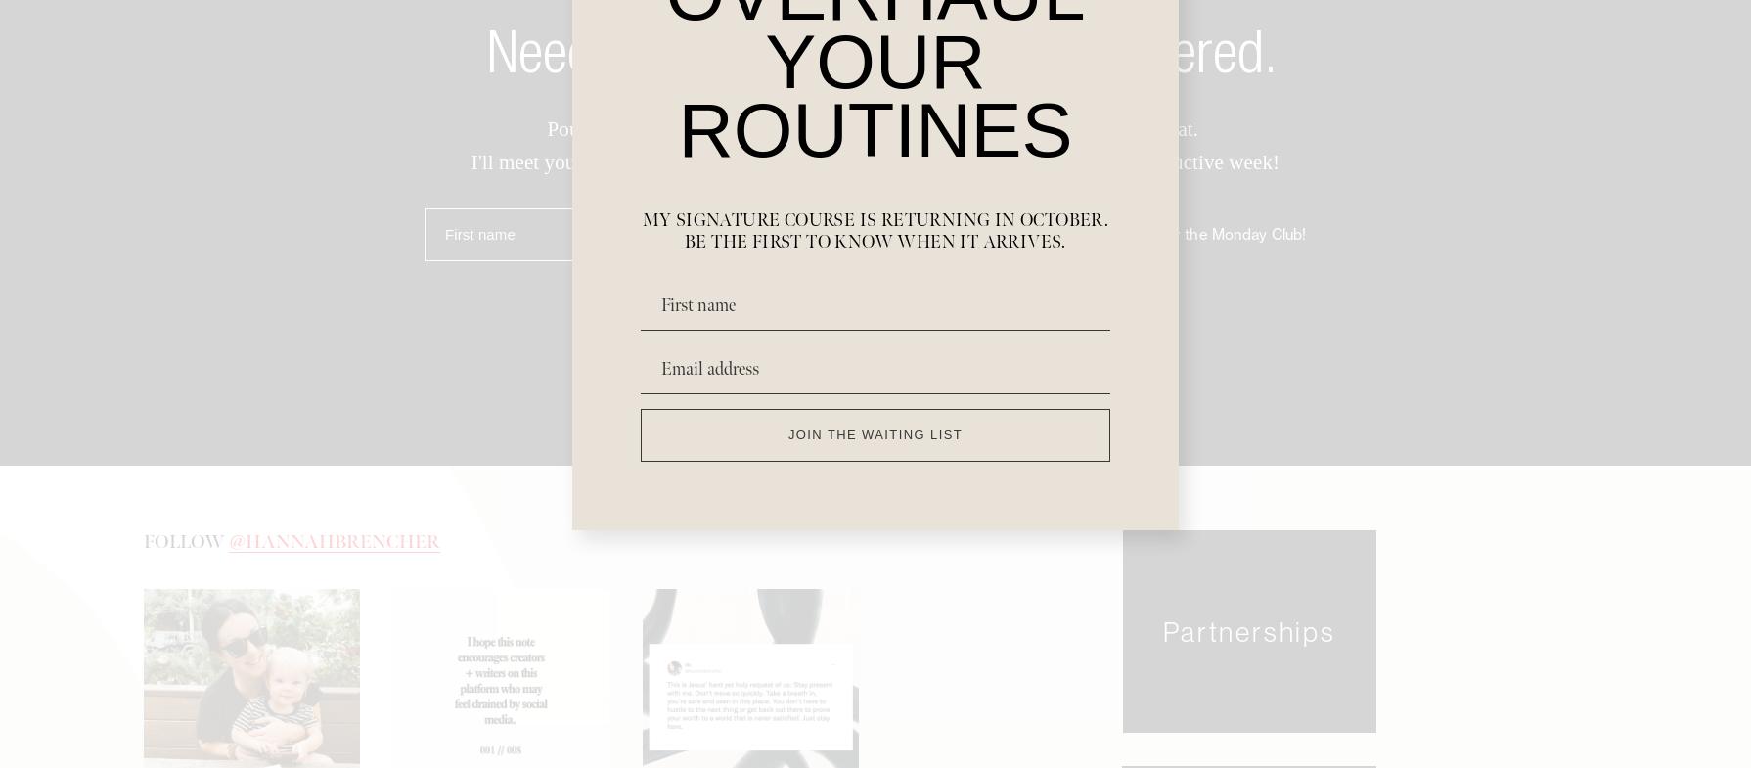 This screenshot has height=768, width=1751. I want to click on 'HANNAHBRENCHER', so click(342, 548).